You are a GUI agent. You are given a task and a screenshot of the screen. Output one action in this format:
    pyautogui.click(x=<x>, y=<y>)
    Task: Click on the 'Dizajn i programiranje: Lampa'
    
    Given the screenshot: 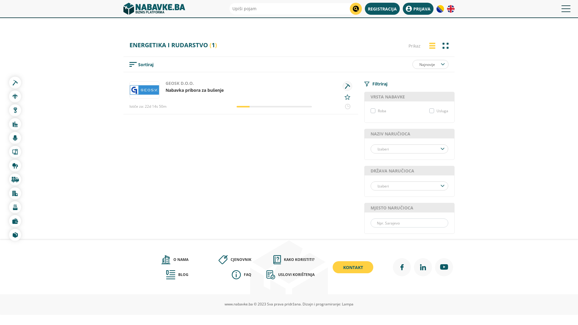 What is the action you would take?
    pyautogui.click(x=328, y=304)
    